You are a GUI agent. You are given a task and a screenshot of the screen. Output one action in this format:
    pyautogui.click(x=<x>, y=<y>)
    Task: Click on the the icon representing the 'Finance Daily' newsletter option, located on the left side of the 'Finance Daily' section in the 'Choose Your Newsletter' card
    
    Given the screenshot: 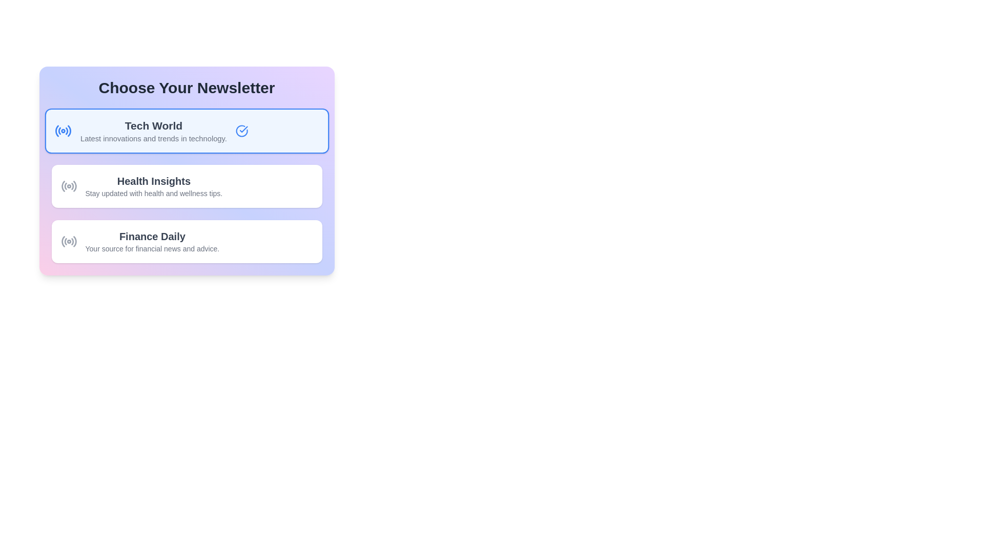 What is the action you would take?
    pyautogui.click(x=68, y=241)
    